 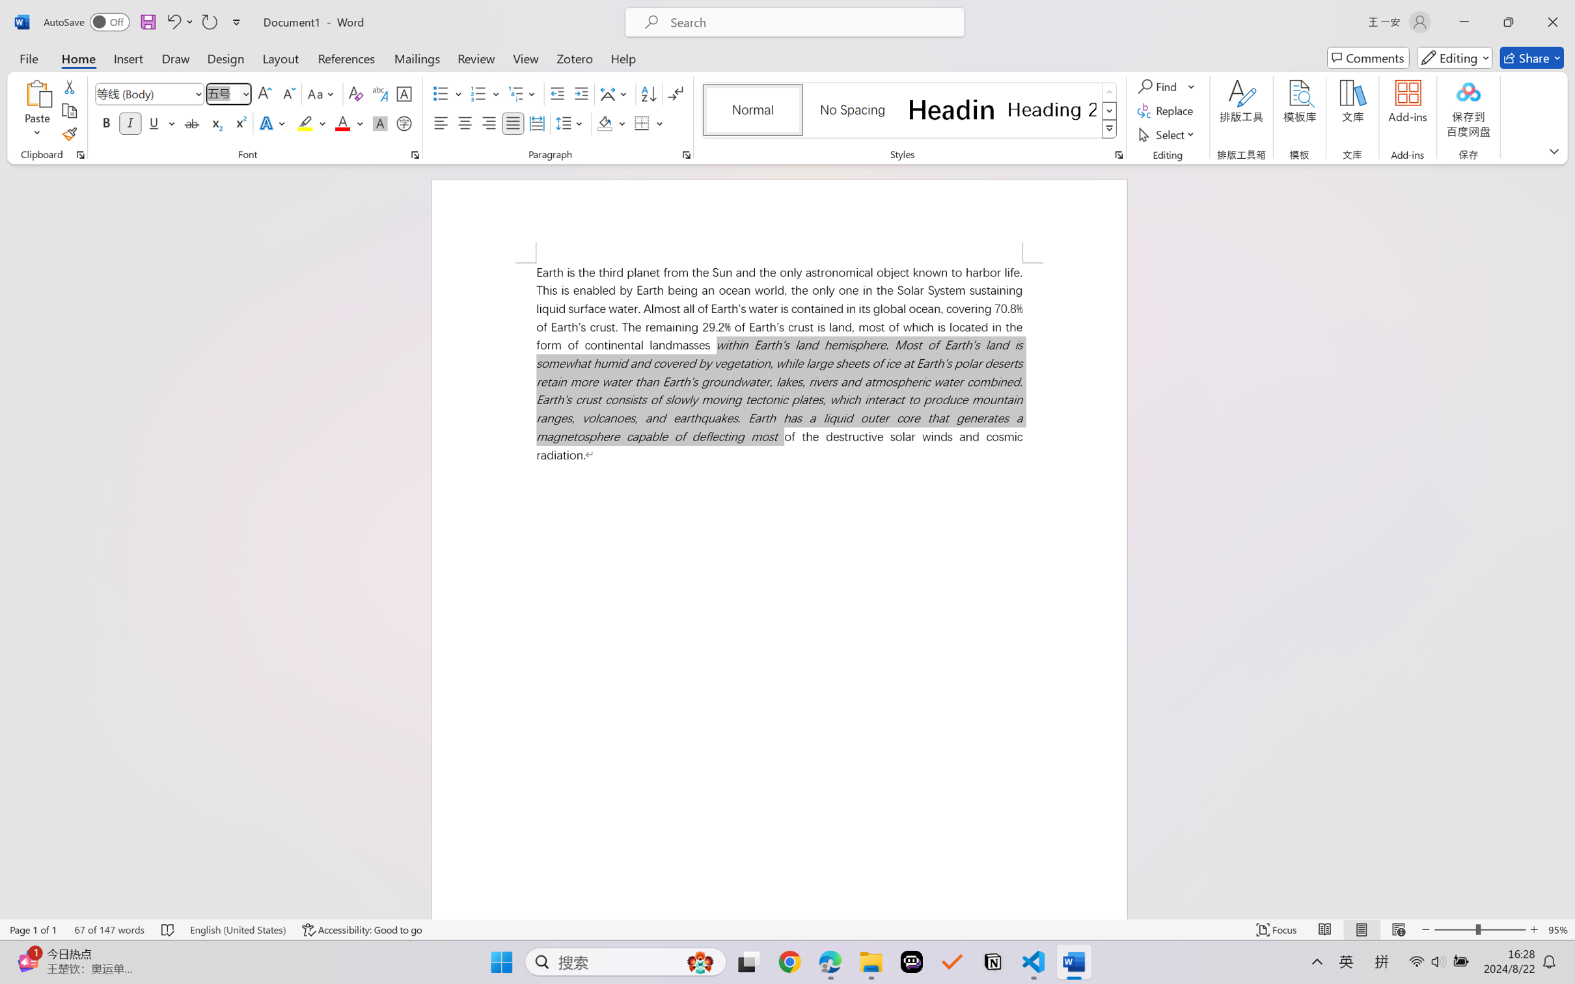 What do you see at coordinates (264, 94) in the screenshot?
I see `'Grow Font'` at bounding box center [264, 94].